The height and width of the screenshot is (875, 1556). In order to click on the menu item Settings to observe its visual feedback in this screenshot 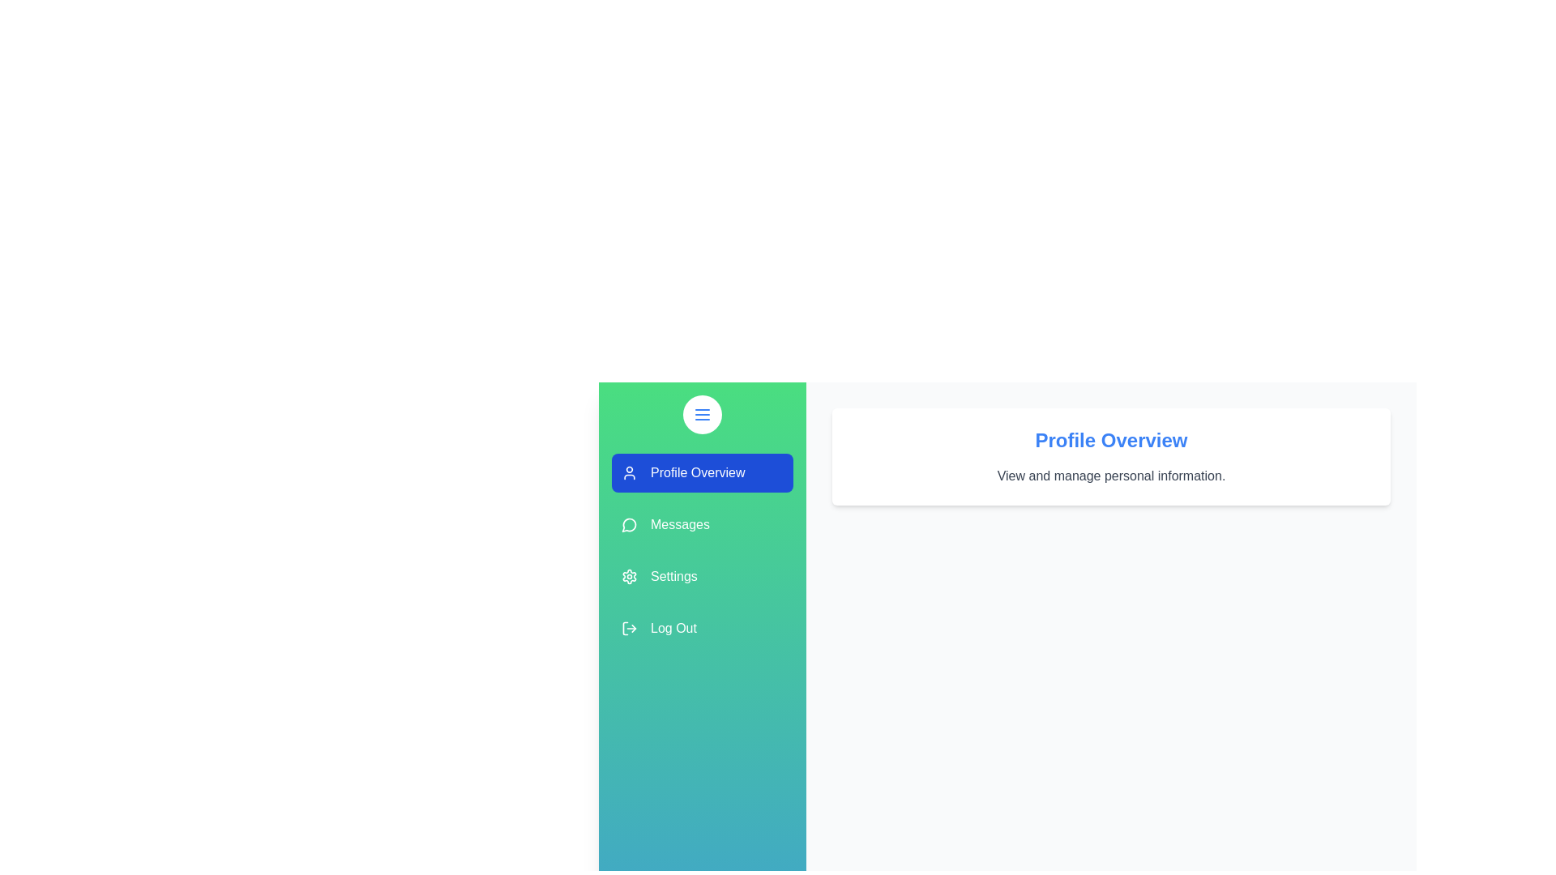, I will do `click(703, 576)`.